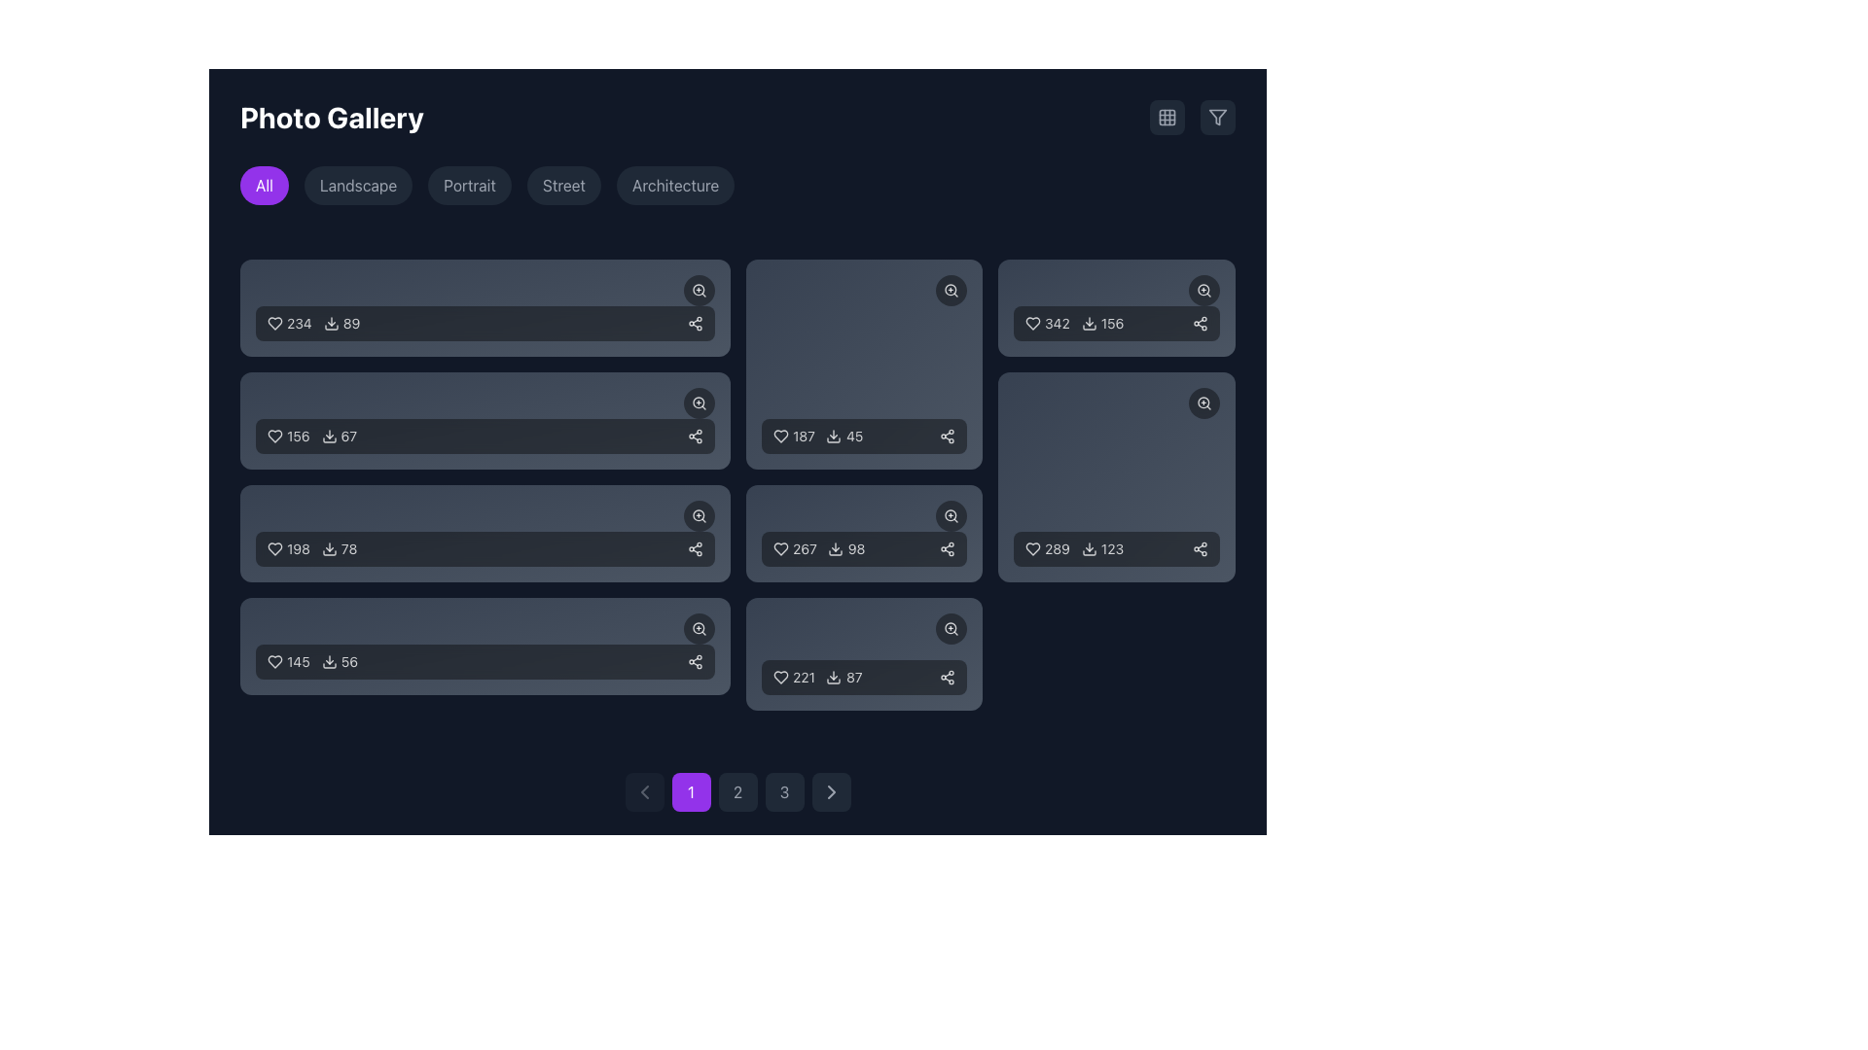 This screenshot has width=1868, height=1050. What do you see at coordinates (297, 435) in the screenshot?
I see `the static text display showing '156', which is styled in a light font and located in the second card of the left column in the grid layout` at bounding box center [297, 435].